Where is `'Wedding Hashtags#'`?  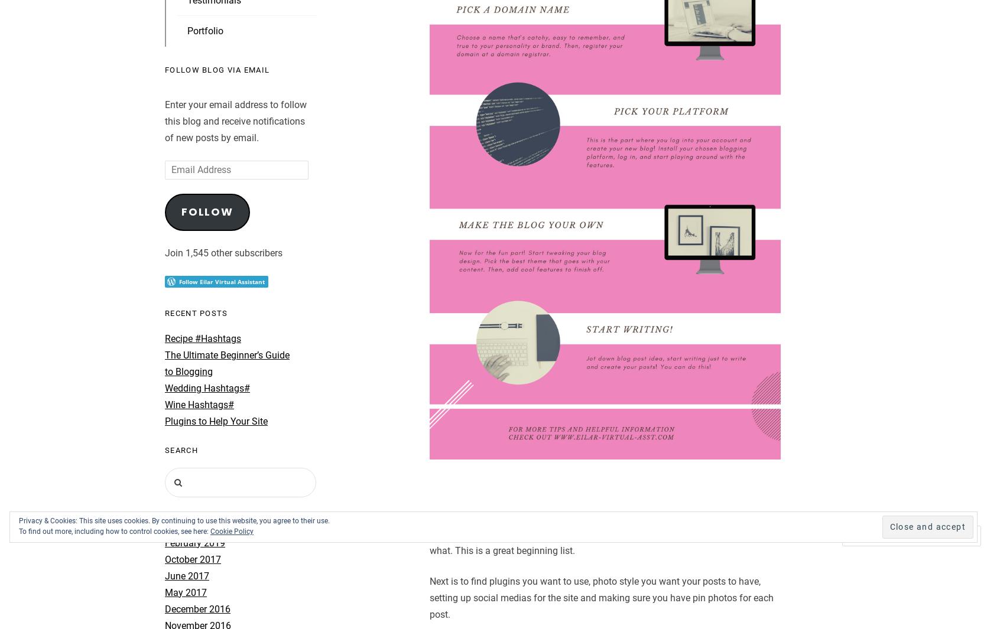 'Wedding Hashtags#' is located at coordinates (164, 387).